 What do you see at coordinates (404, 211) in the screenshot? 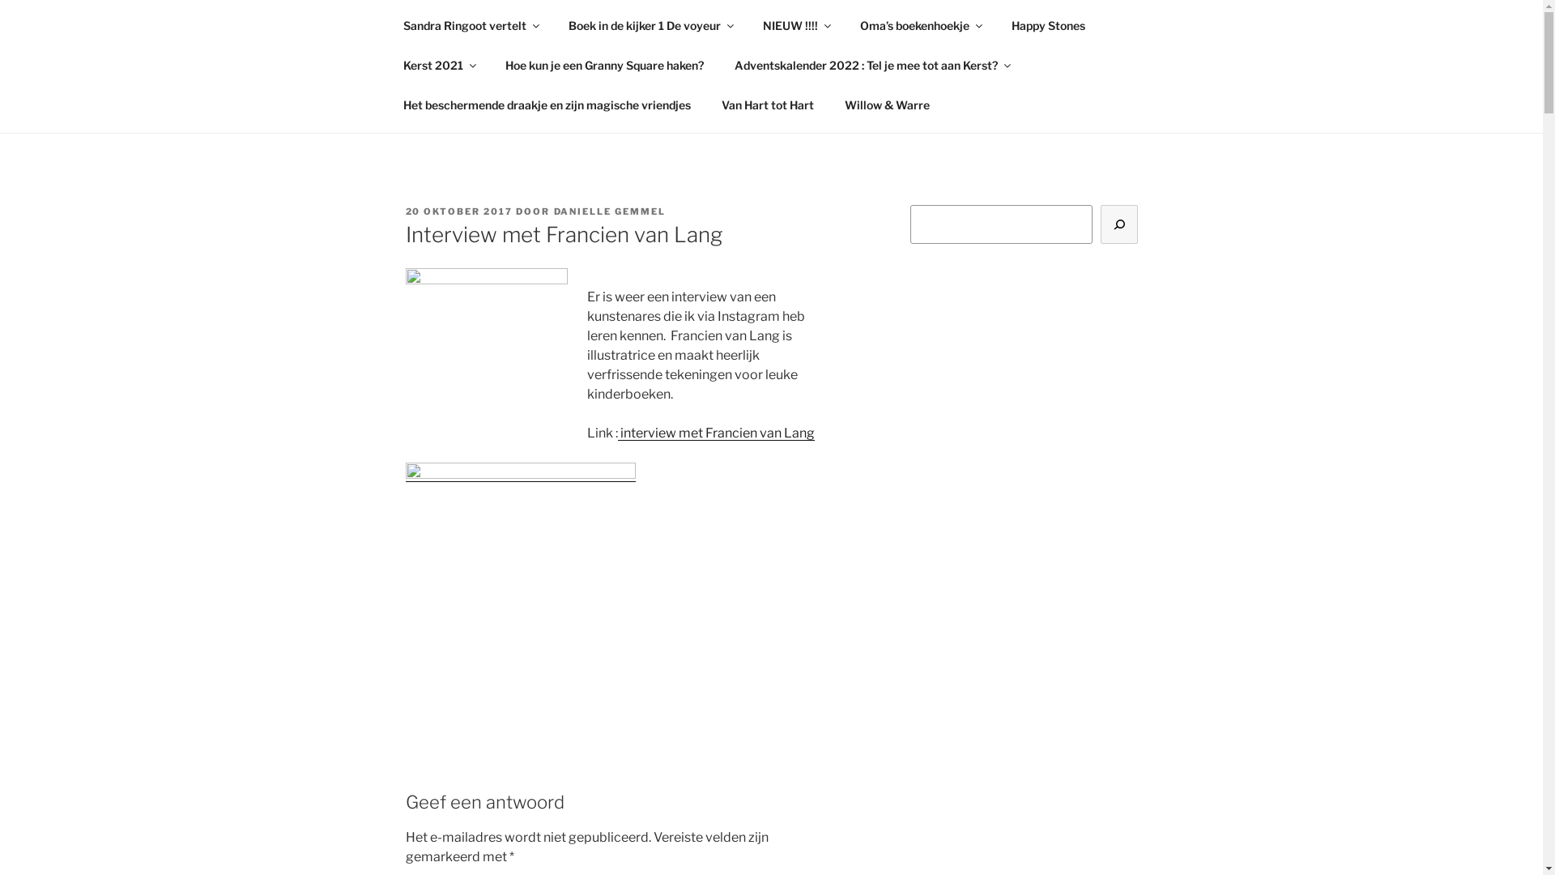
I see `'20 OKTOBER 2017'` at bounding box center [404, 211].